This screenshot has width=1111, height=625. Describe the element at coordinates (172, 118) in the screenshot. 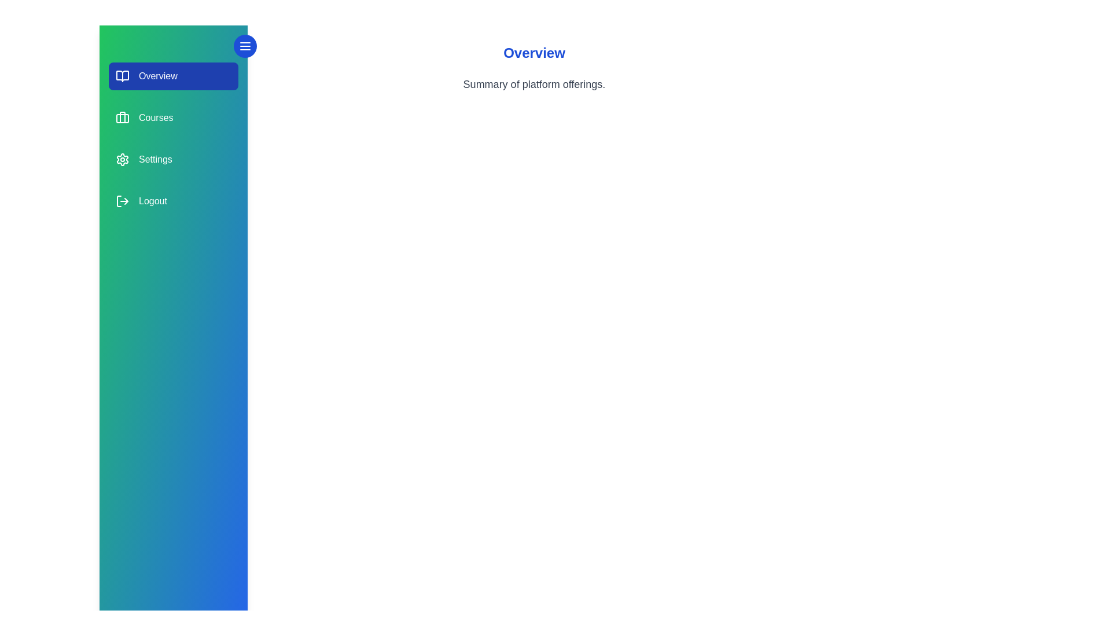

I see `the section labeled Courses to select it` at that location.